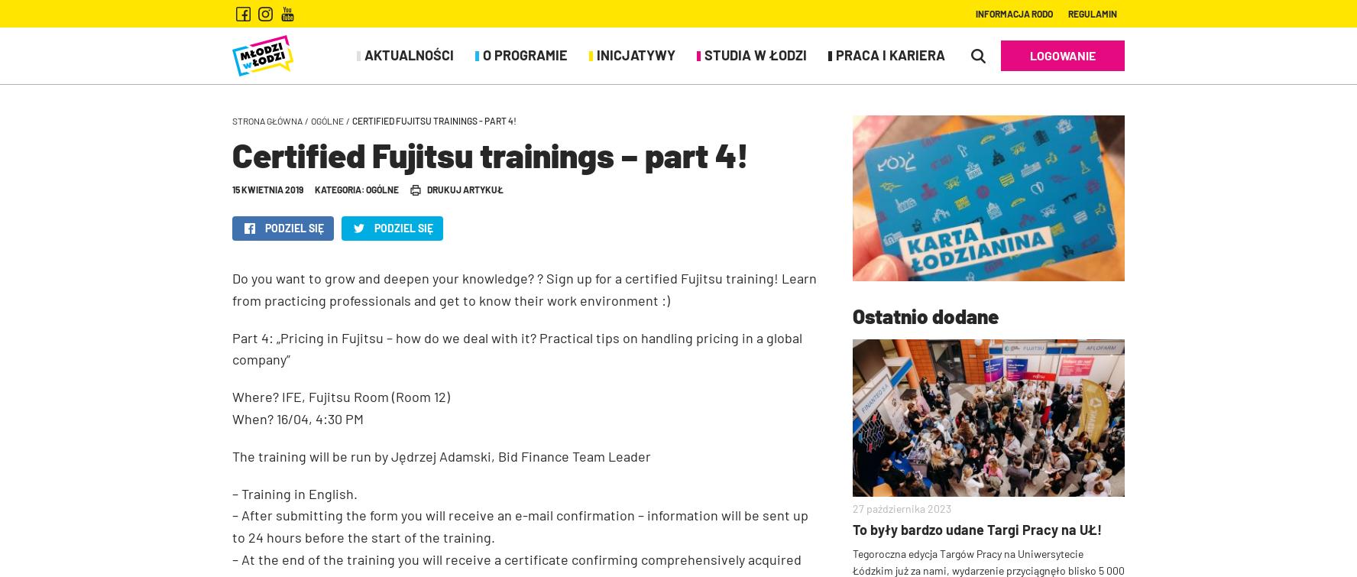 The width and height of the screenshot is (1357, 577). What do you see at coordinates (853, 507) in the screenshot?
I see `'27 października 2023'` at bounding box center [853, 507].